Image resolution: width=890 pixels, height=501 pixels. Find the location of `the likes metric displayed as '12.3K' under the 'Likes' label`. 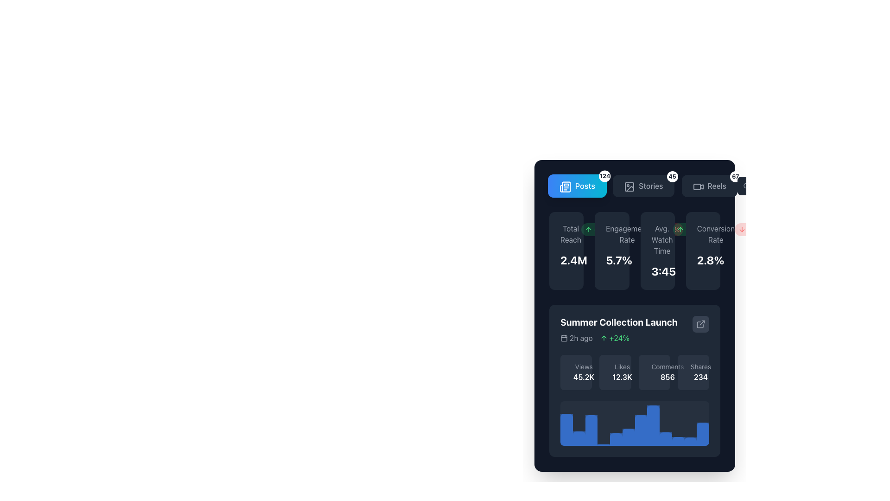

the likes metric displayed as '12.3K' under the 'Likes' label is located at coordinates (622, 377).